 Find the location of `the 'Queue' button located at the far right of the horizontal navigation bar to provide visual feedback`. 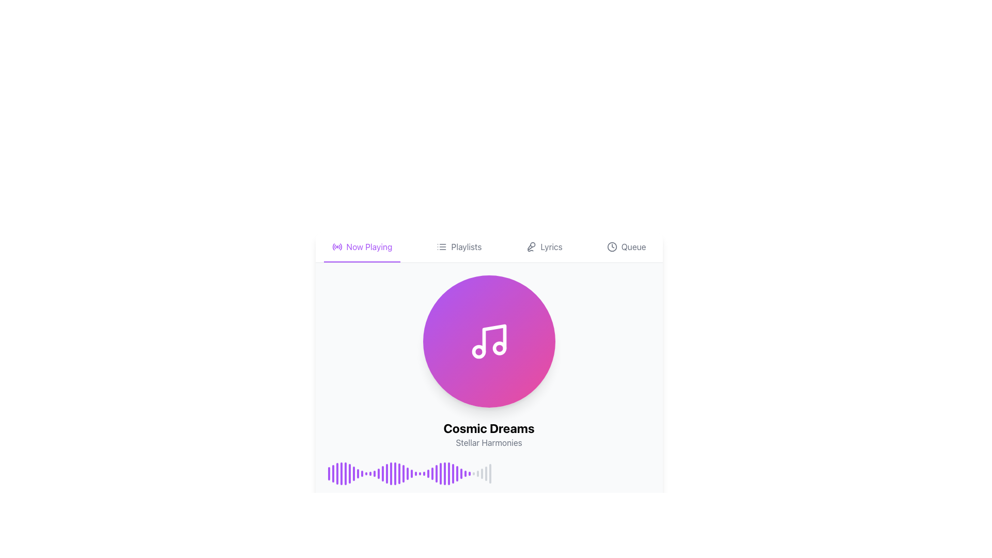

the 'Queue' button located at the far right of the horizontal navigation bar to provide visual feedback is located at coordinates (626, 247).